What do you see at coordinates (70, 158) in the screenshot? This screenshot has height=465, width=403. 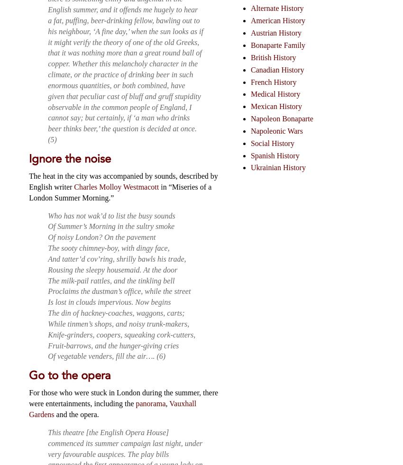 I see `'Ignore the noise'` at bounding box center [70, 158].